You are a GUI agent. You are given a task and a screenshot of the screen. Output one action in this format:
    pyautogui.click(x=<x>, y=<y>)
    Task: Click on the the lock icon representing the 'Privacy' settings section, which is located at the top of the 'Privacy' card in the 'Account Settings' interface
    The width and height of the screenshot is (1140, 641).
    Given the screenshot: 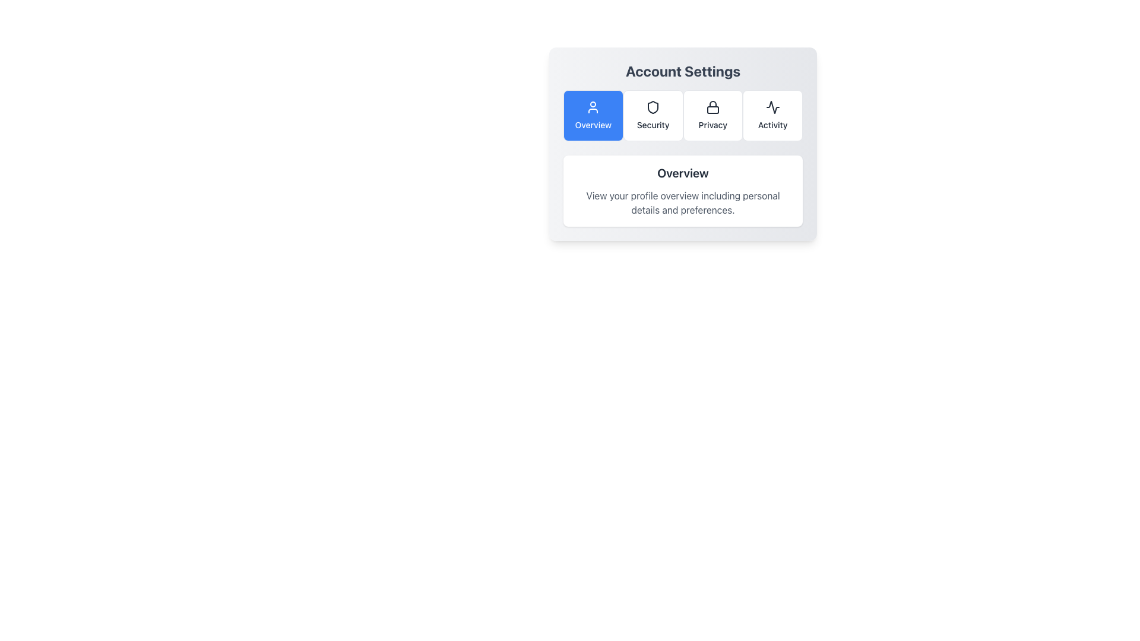 What is the action you would take?
    pyautogui.click(x=712, y=107)
    